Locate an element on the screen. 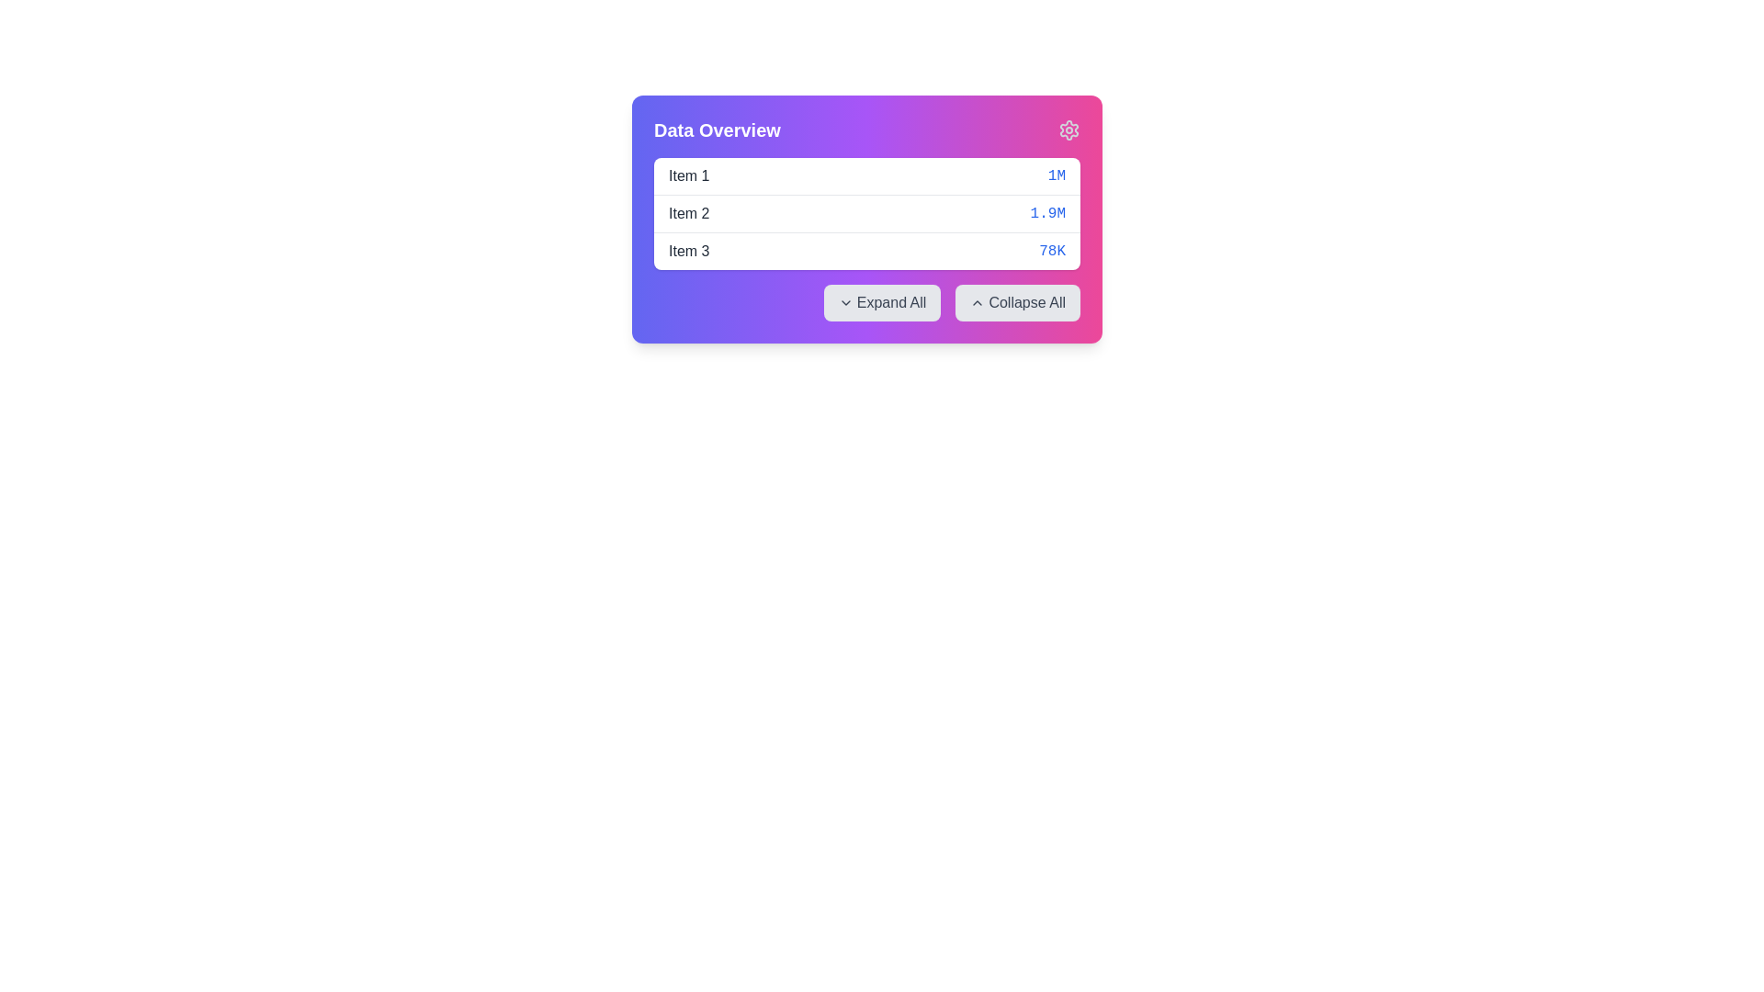 The height and width of the screenshot is (992, 1764). the first row of the data entry list item that summarizes information about 'Item 1' within the 'Data Overview' card is located at coordinates (866, 176).